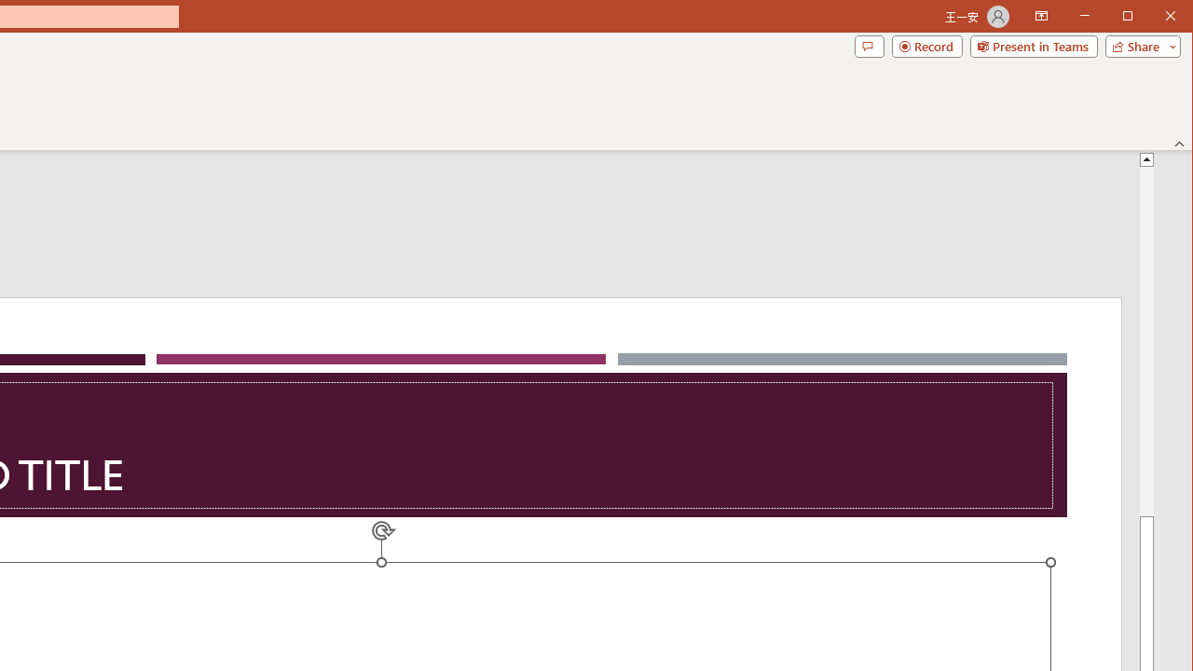 The width and height of the screenshot is (1193, 671). What do you see at coordinates (1138, 46) in the screenshot?
I see `'Share'` at bounding box center [1138, 46].